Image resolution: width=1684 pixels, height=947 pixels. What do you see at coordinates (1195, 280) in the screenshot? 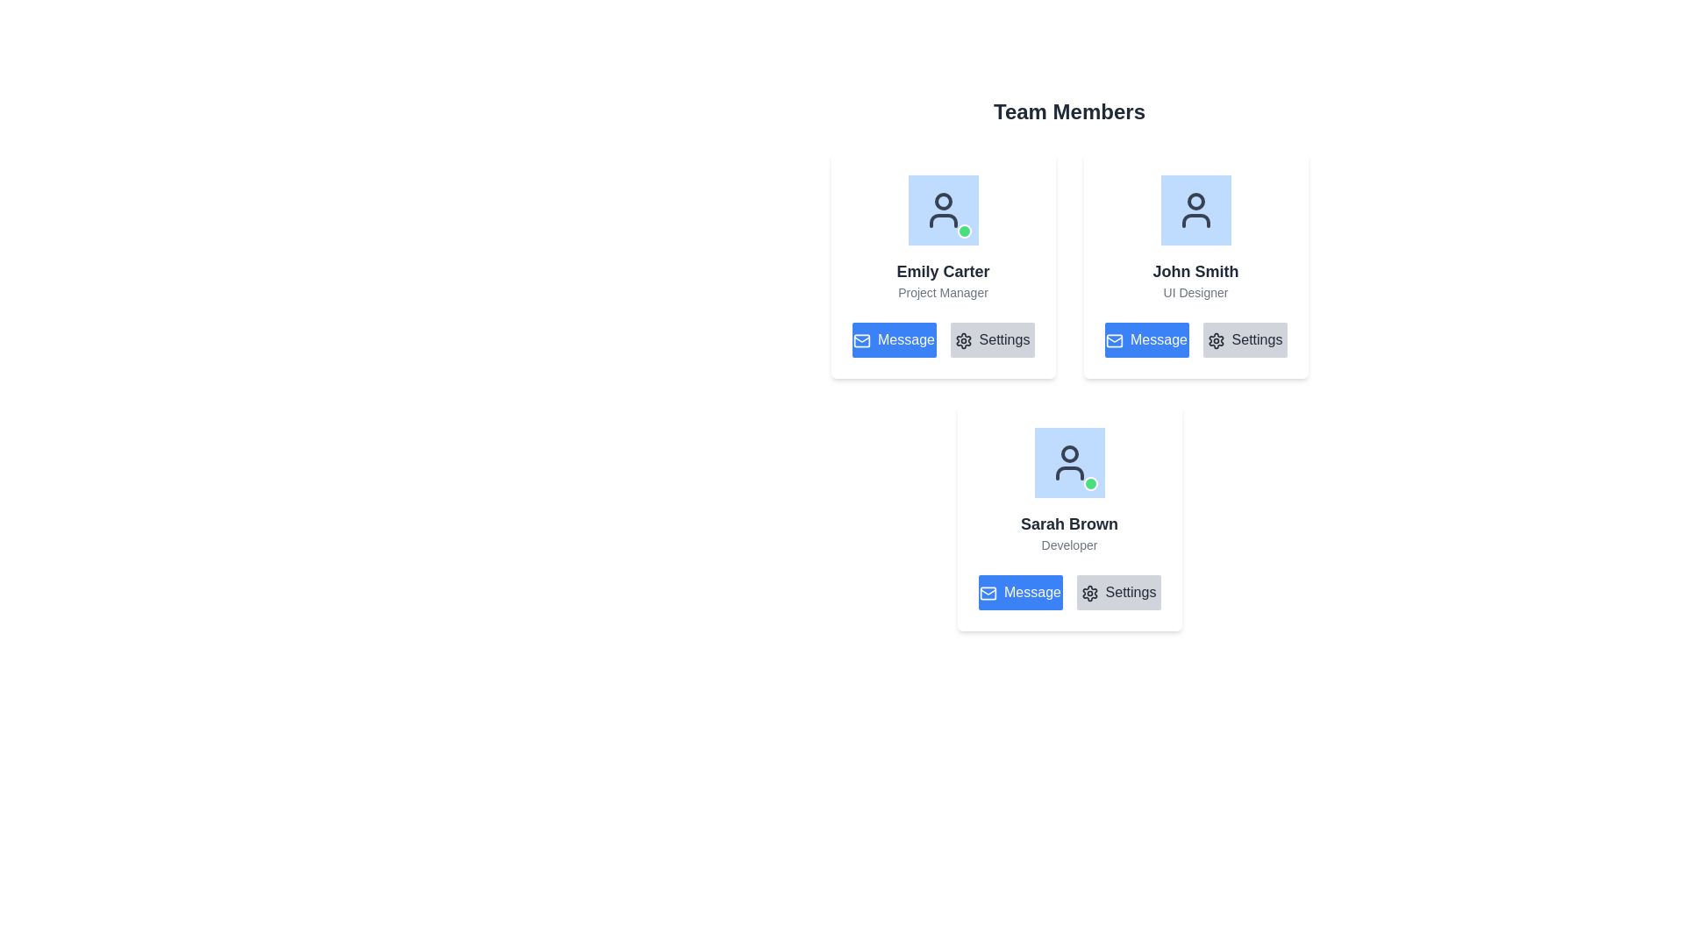
I see `text label that identifies 'John Smith', a UI Designer, located in the card component in the second column of the top row under 'Team Members'` at bounding box center [1195, 280].